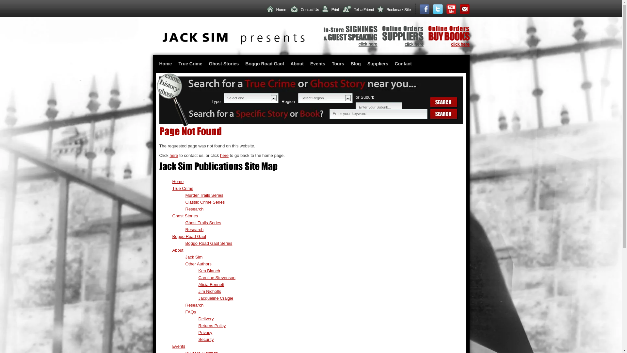  I want to click on 'Security', so click(206, 339).